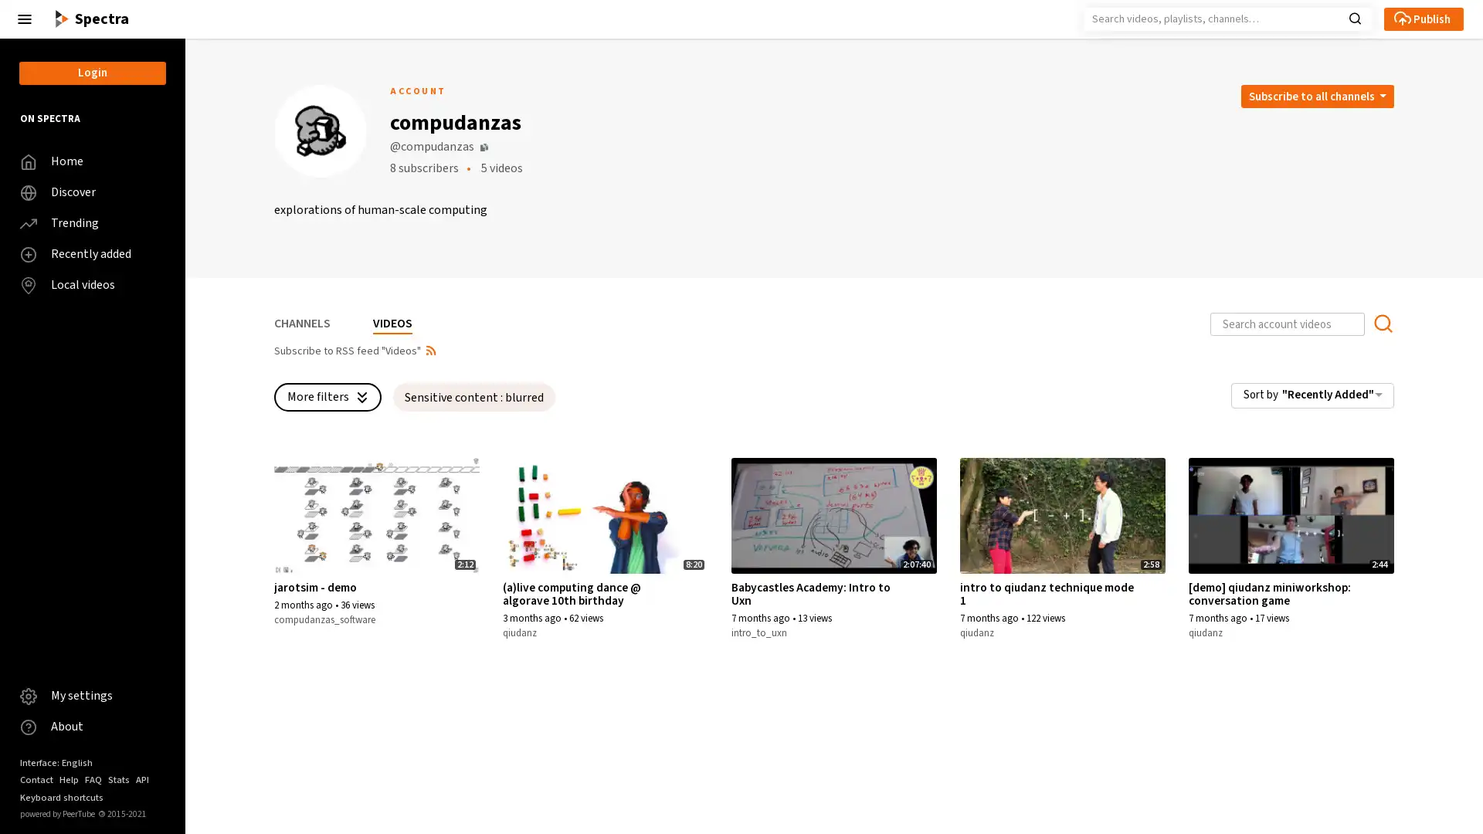  I want to click on Open syndication dropdown, so click(430, 349).